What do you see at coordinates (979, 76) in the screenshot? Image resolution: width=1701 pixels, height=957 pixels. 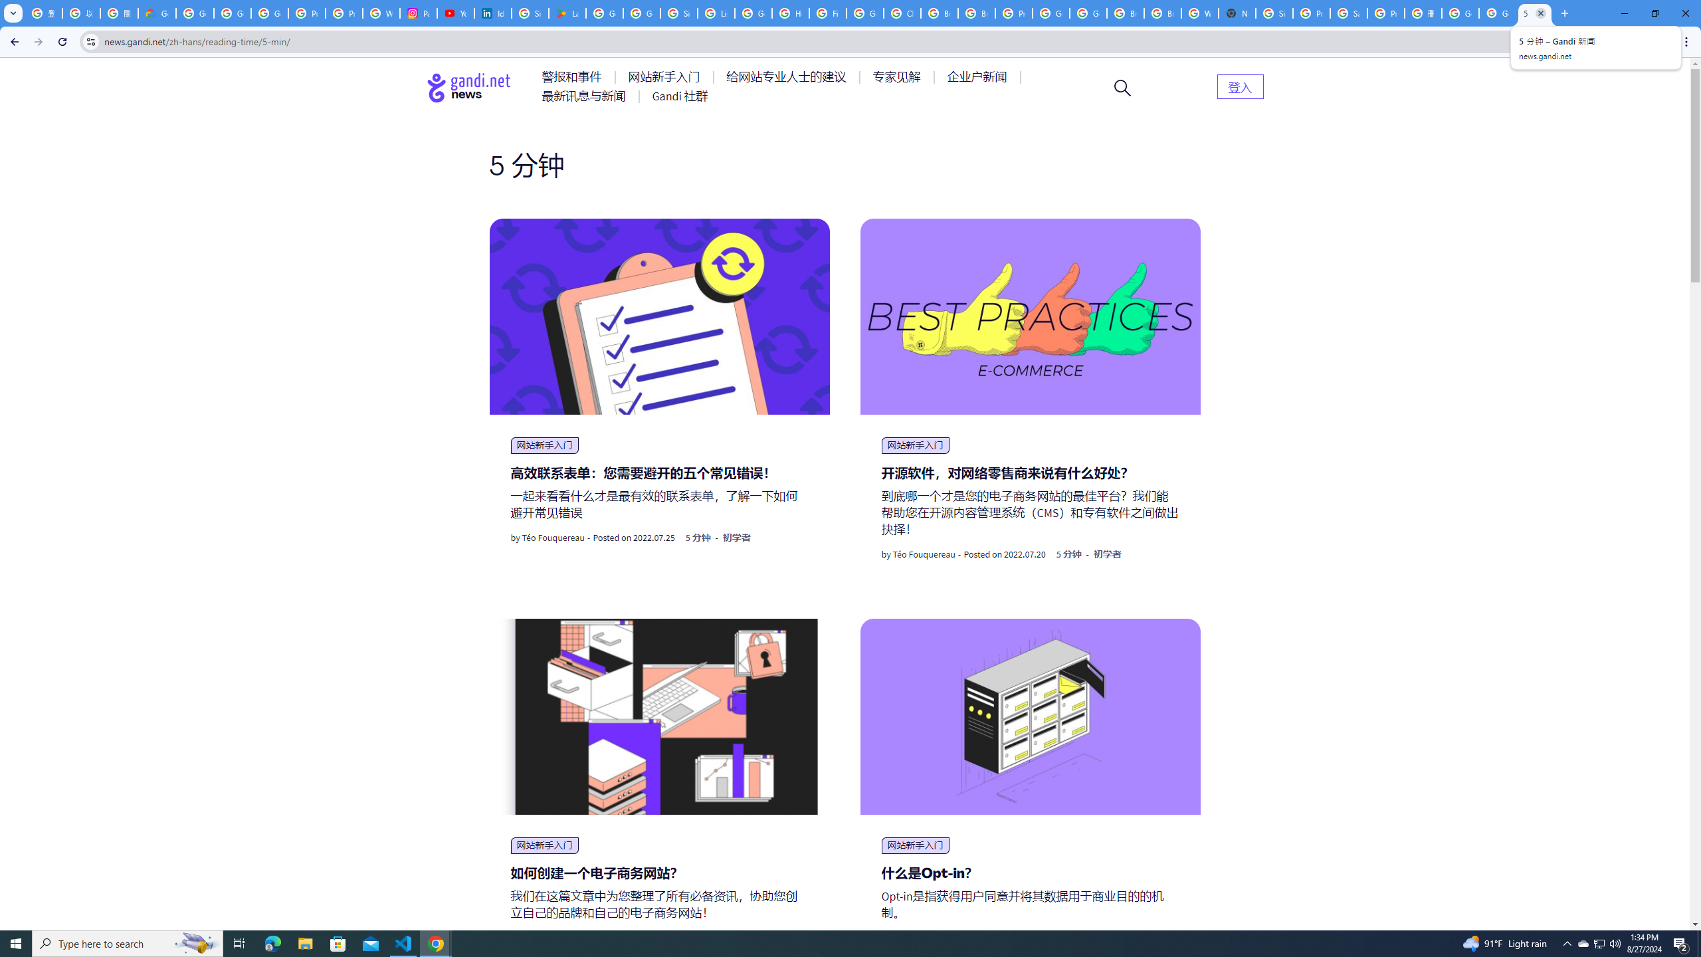 I see `'AutomationID: menu-item-77765'` at bounding box center [979, 76].